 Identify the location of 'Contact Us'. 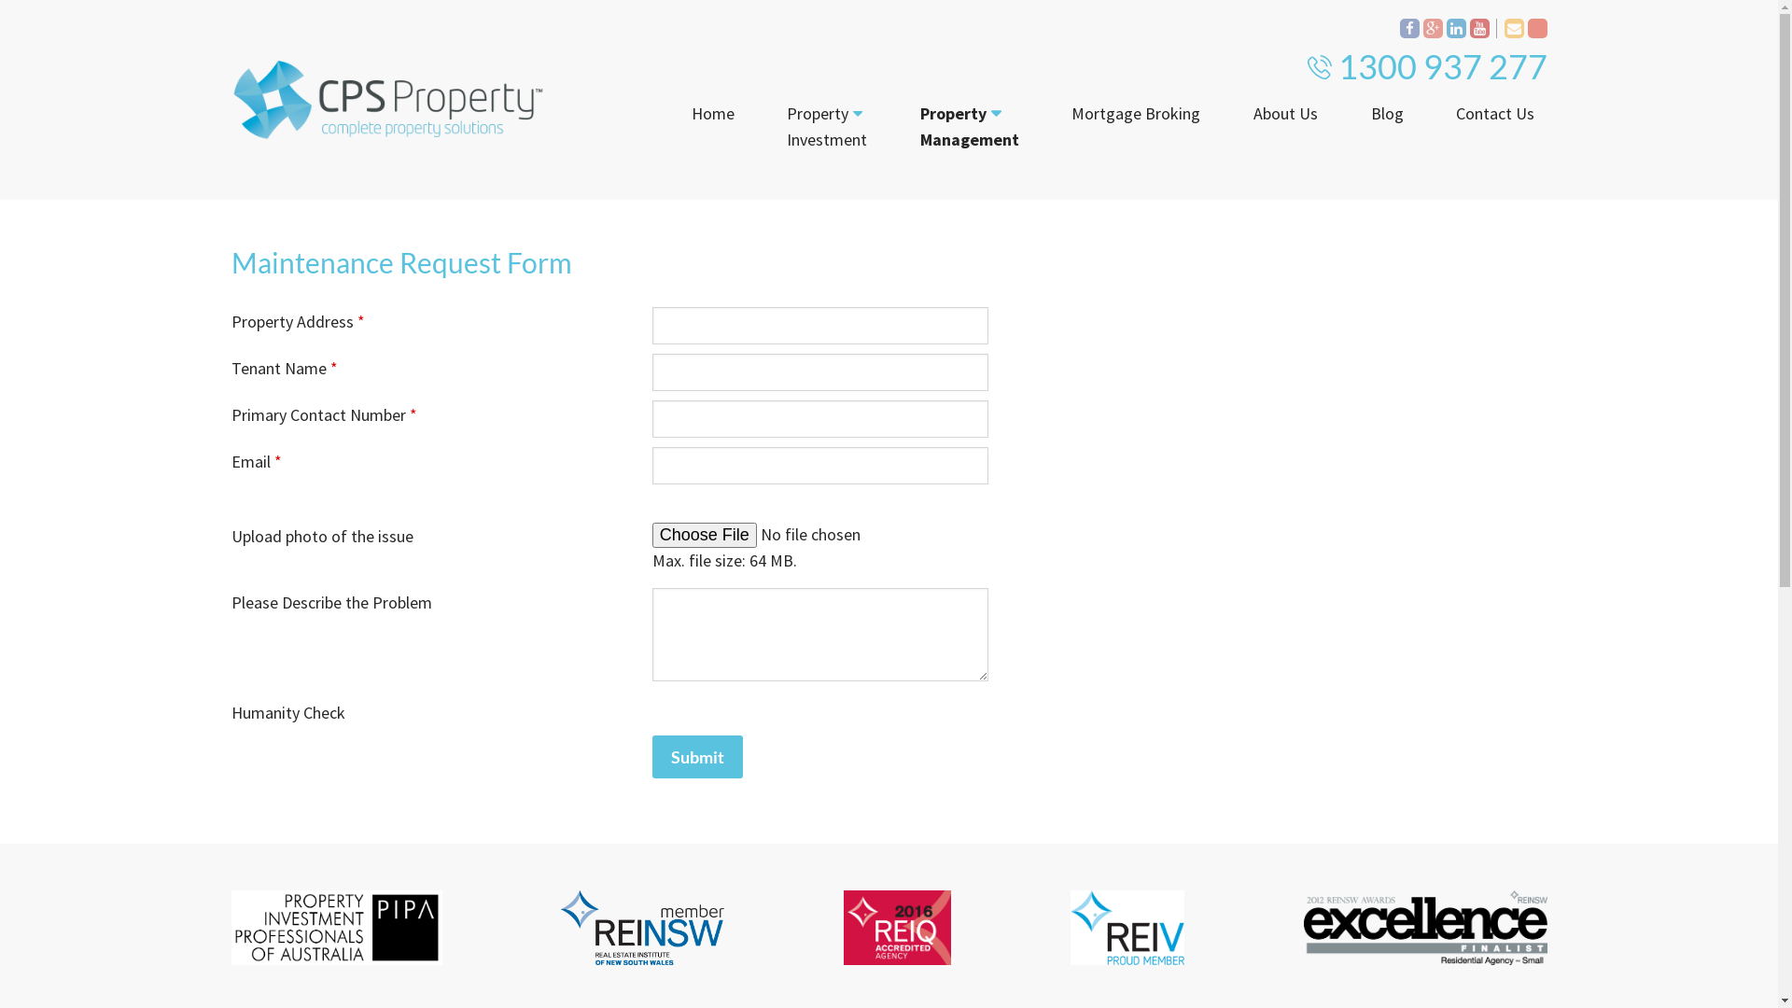
(1495, 114).